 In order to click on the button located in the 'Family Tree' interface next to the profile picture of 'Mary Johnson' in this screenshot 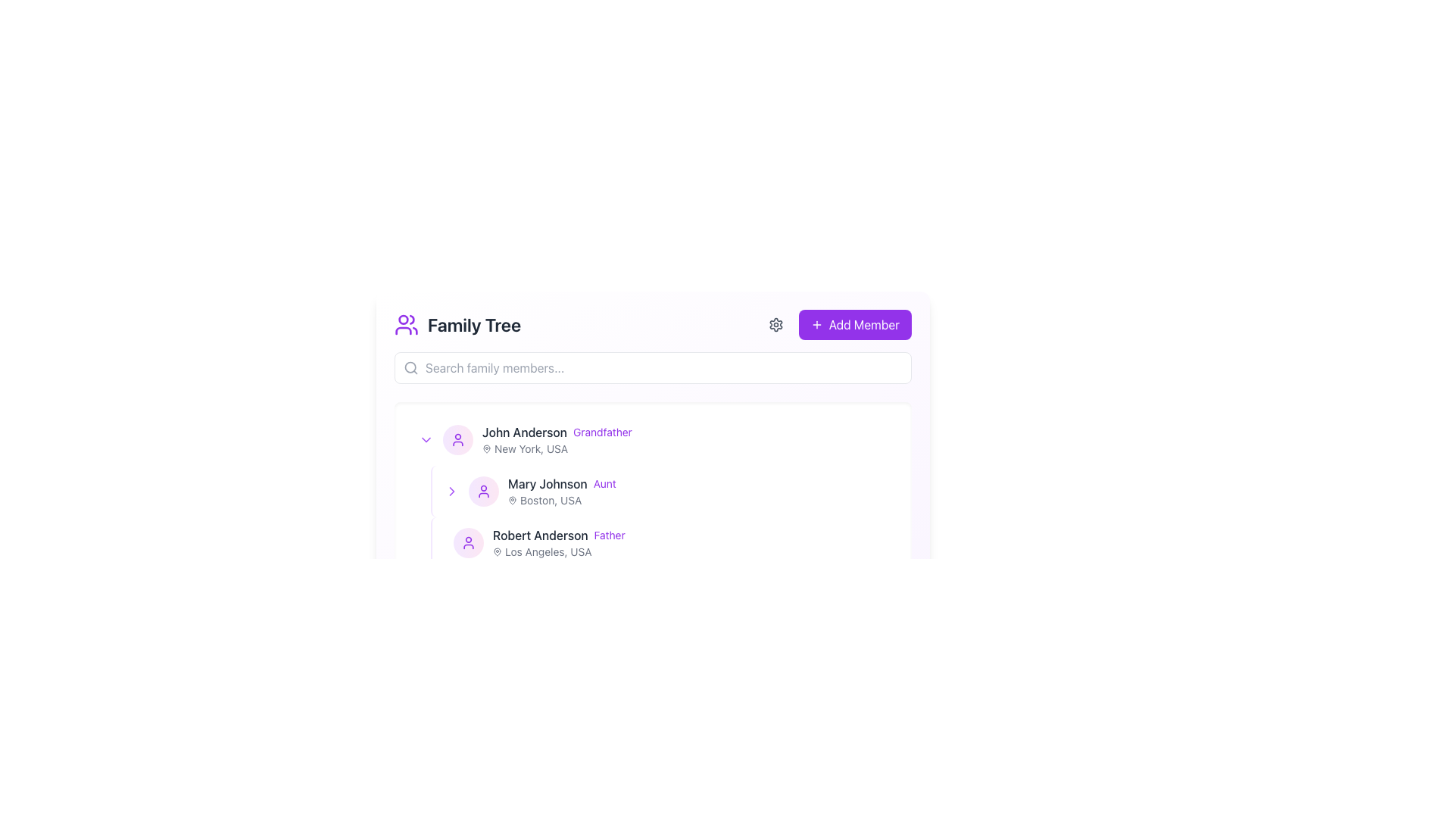, I will do `click(451, 491)`.